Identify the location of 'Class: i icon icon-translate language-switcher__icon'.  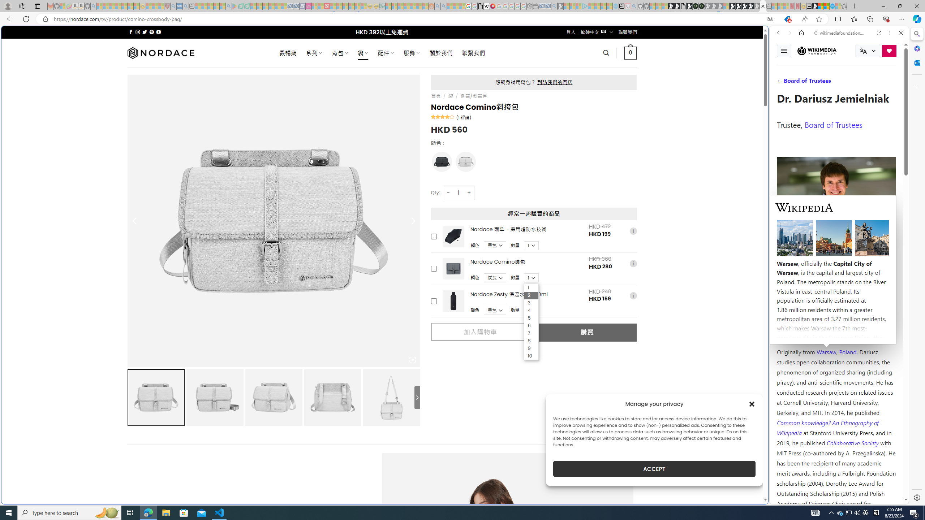
(863, 51).